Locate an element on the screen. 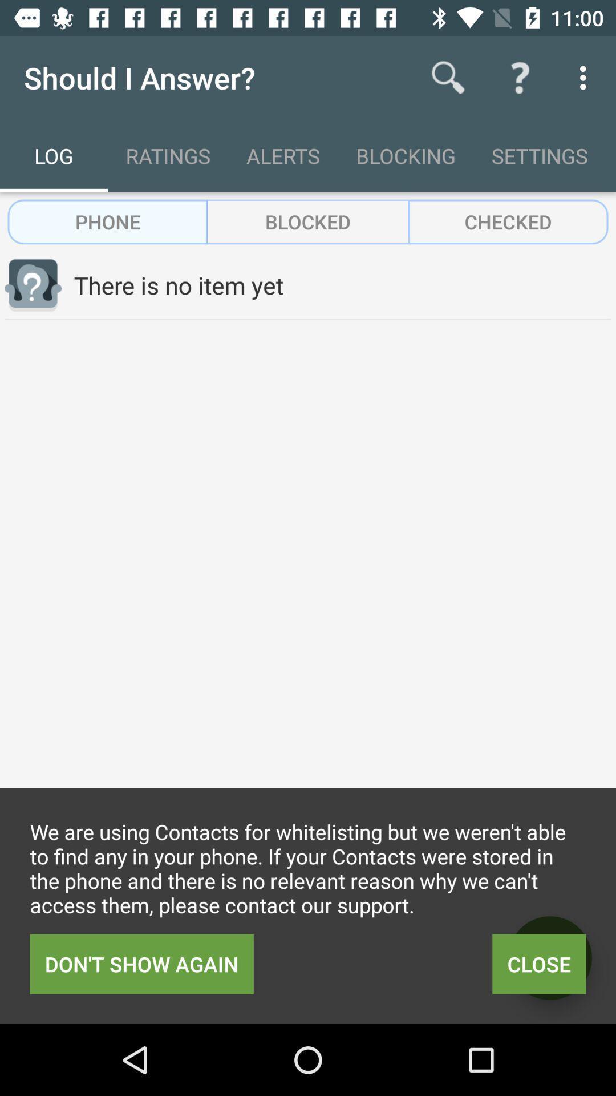 This screenshot has width=616, height=1096. the blocked is located at coordinates (308, 221).